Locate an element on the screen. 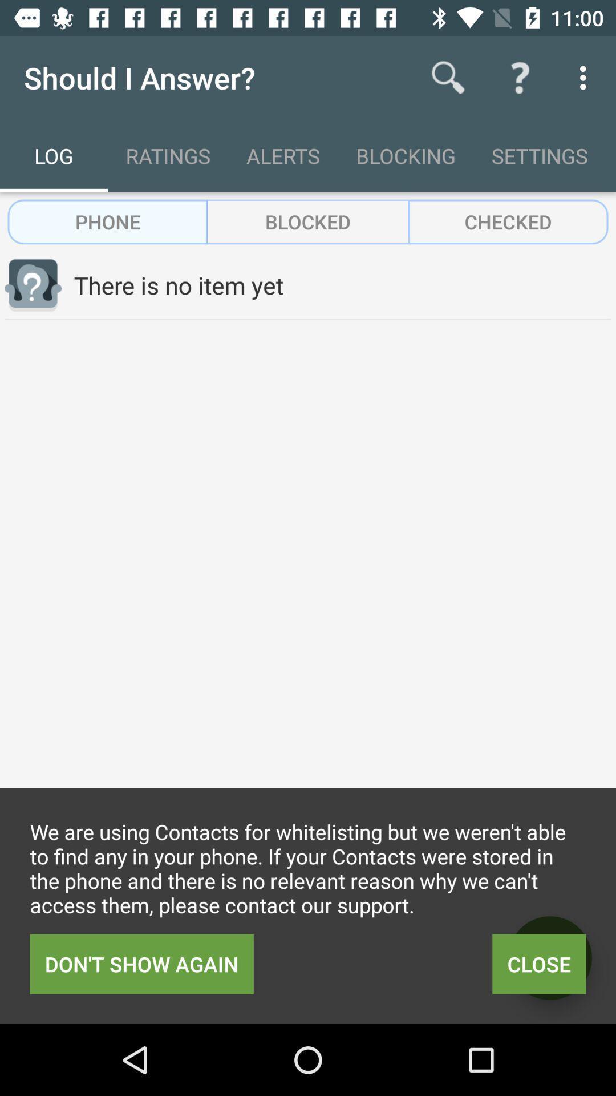 This screenshot has width=616, height=1096. the blocked is located at coordinates (308, 221).